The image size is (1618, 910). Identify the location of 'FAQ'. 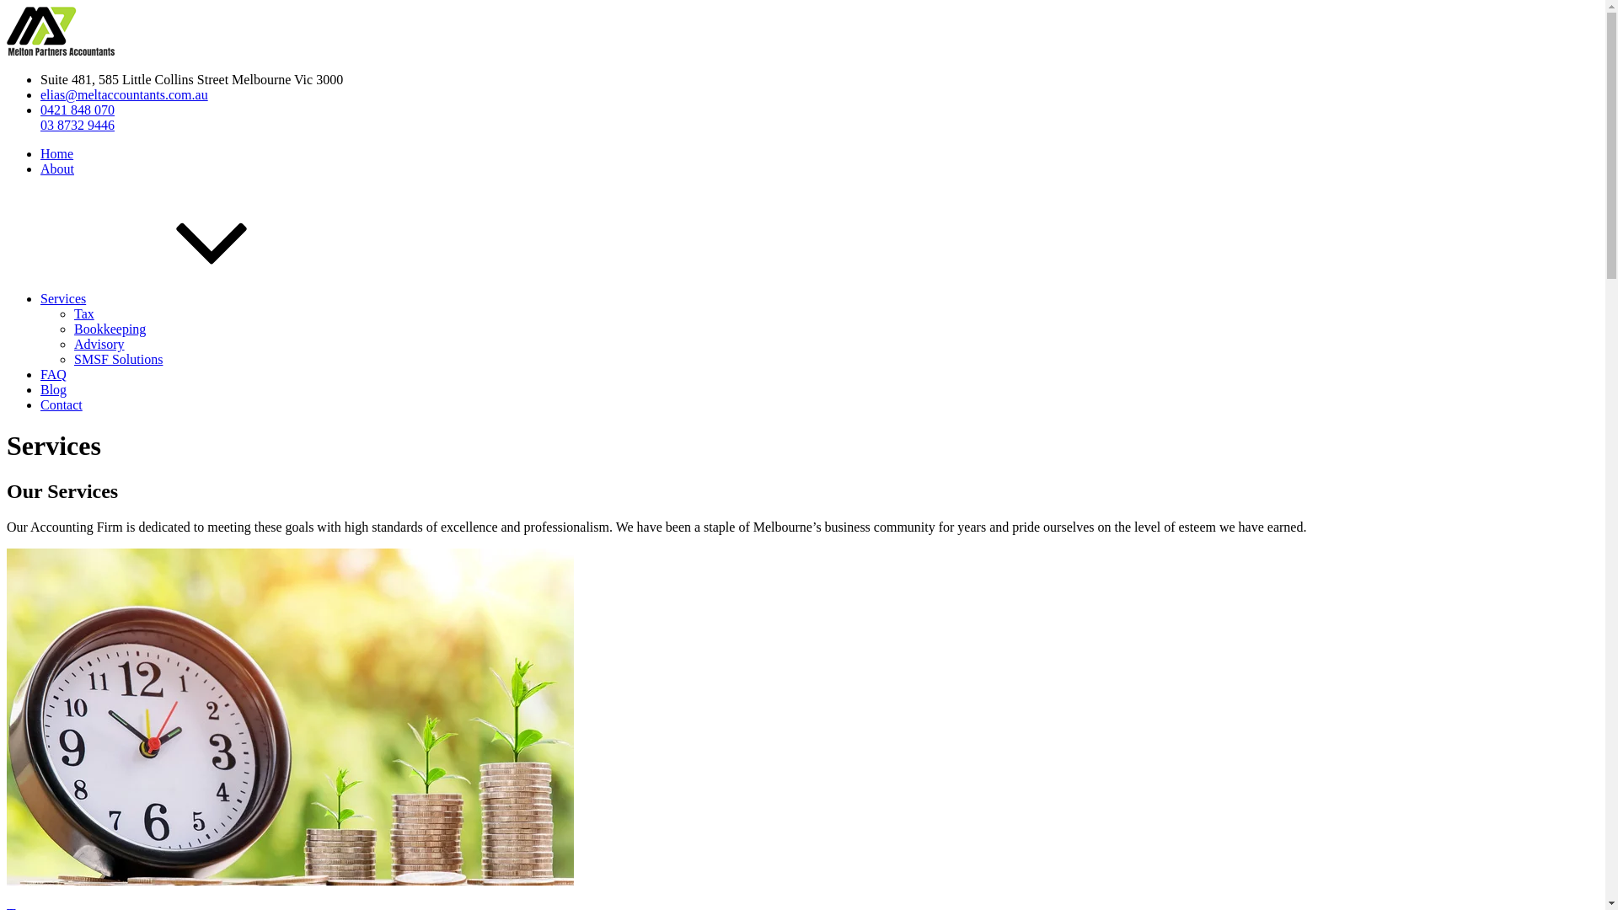
(40, 373).